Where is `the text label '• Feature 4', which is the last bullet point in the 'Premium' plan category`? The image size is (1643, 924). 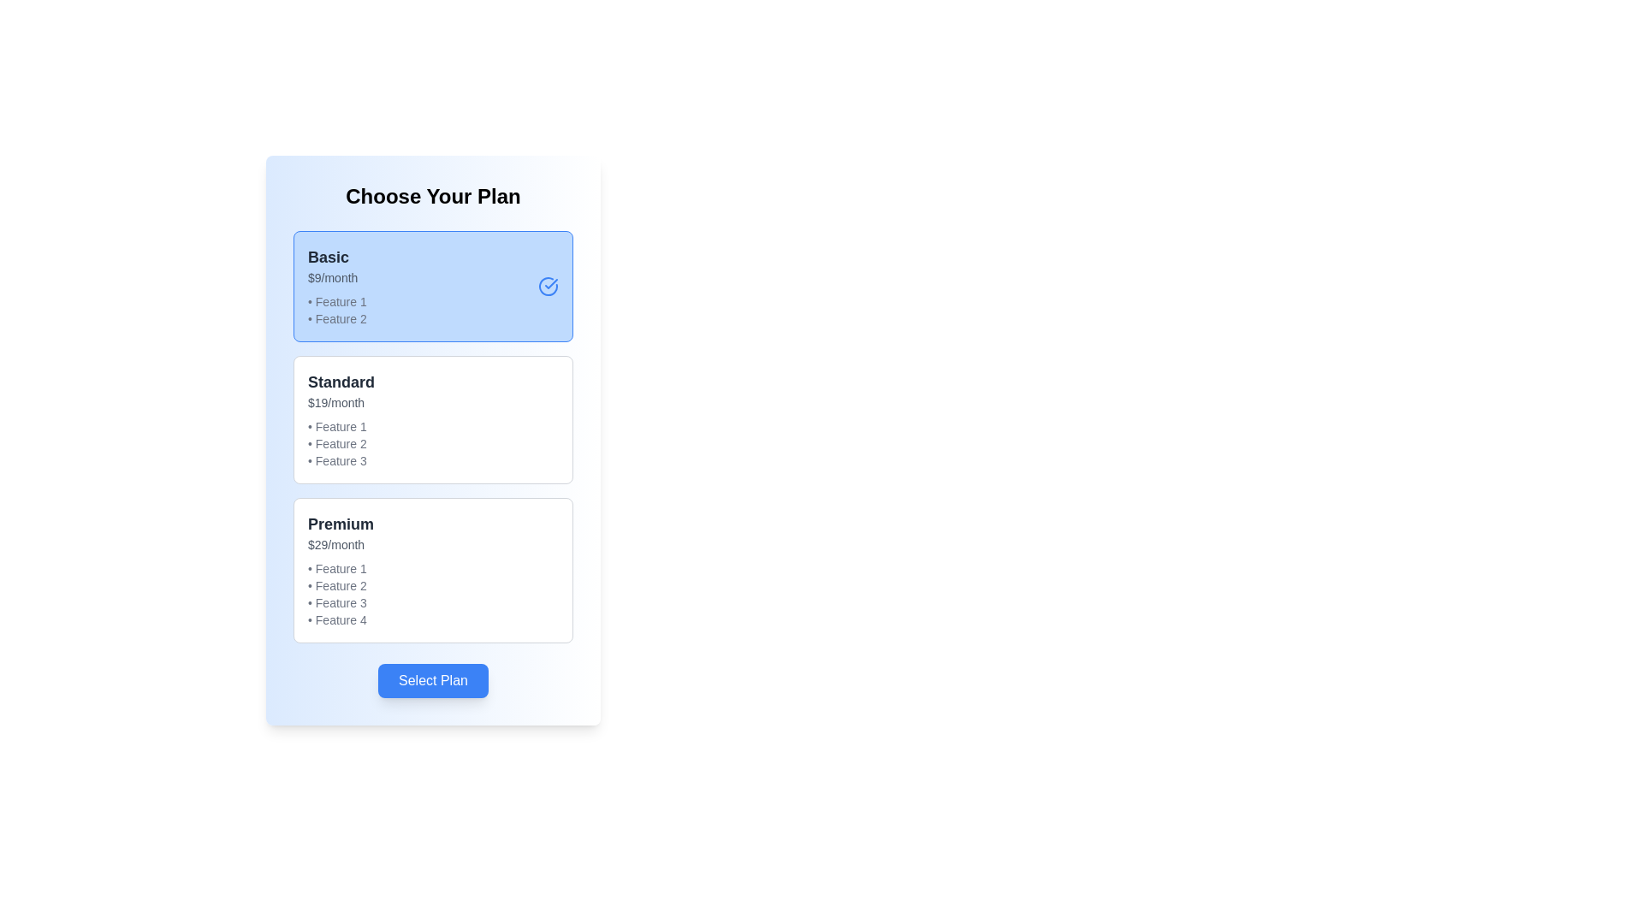 the text label '• Feature 4', which is the last bullet point in the 'Premium' plan category is located at coordinates (341, 620).